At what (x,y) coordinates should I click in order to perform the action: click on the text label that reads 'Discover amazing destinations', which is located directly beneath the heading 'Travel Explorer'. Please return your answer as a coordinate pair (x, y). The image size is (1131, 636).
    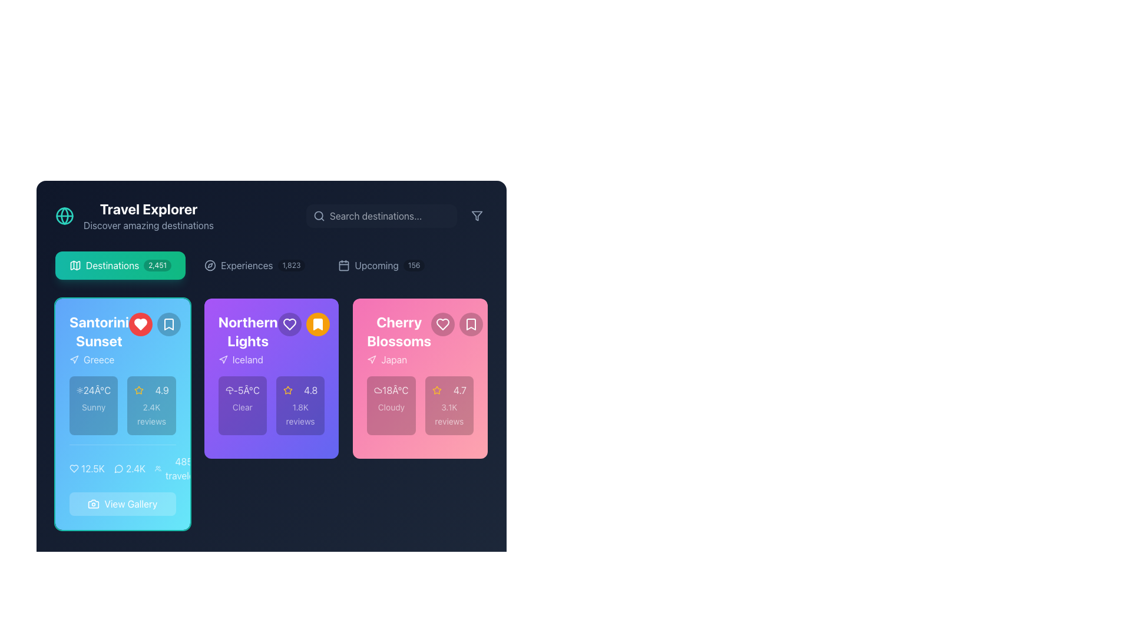
    Looking at the image, I should click on (148, 225).